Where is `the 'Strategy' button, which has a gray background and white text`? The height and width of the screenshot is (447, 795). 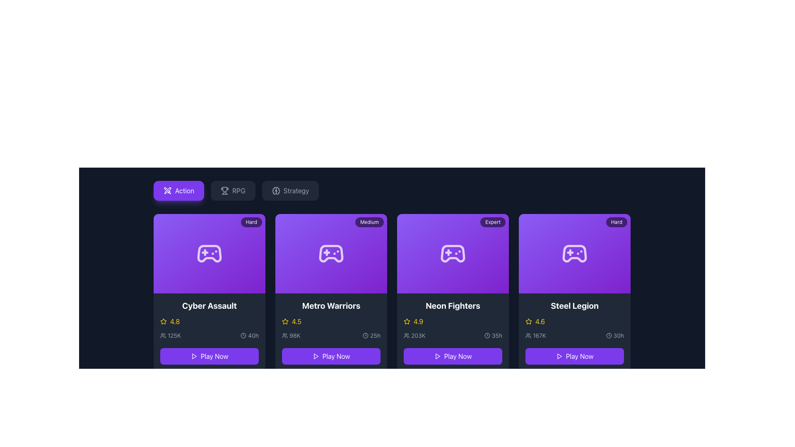
the 'Strategy' button, which has a gray background and white text is located at coordinates (290, 191).